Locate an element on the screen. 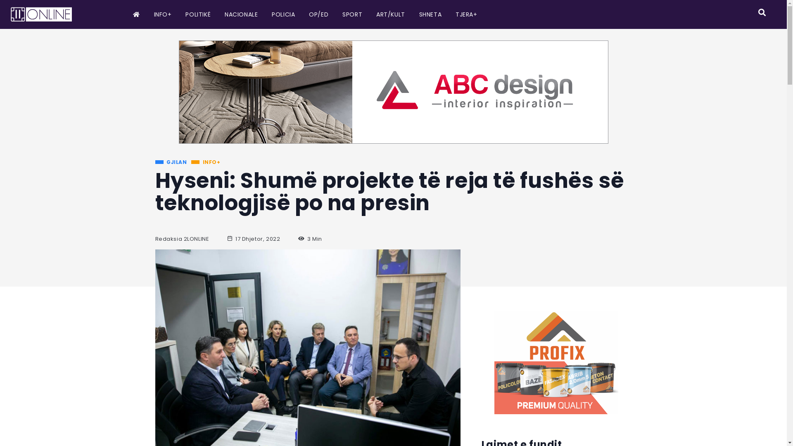 The height and width of the screenshot is (446, 793). 'INFO+' is located at coordinates (206, 162).